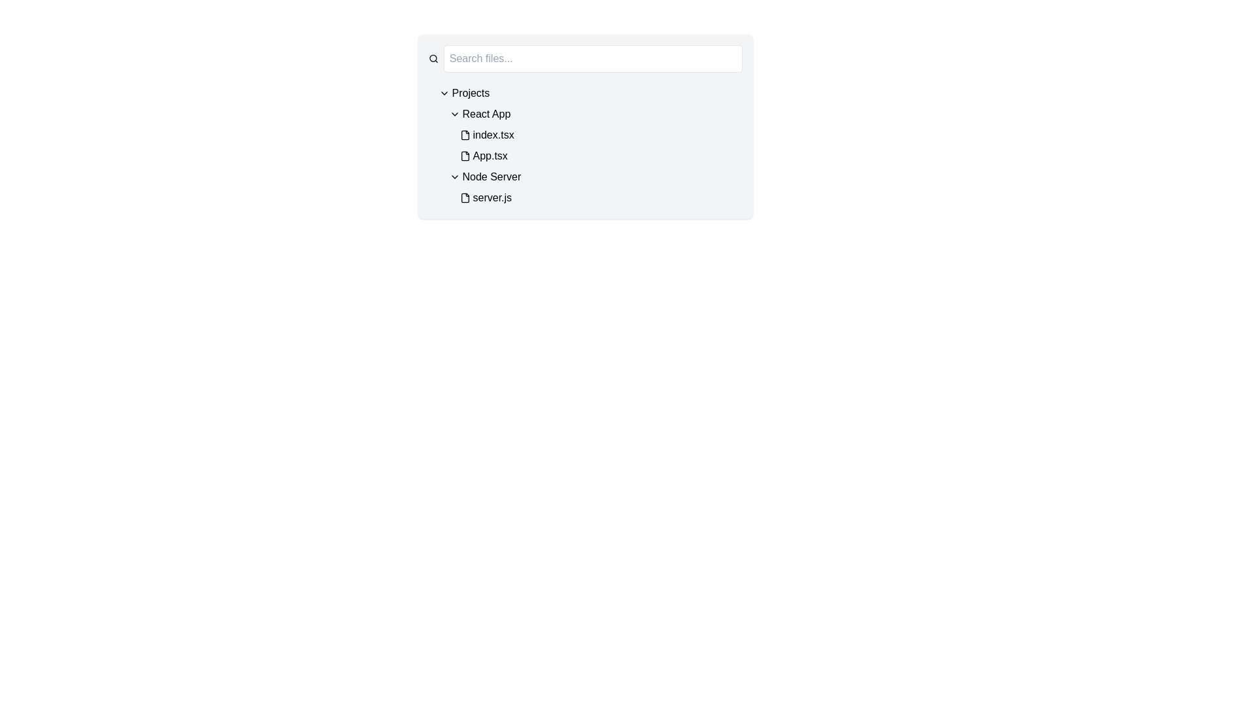 The width and height of the screenshot is (1255, 706). What do you see at coordinates (471, 92) in the screenshot?
I see `the 'Projects' text label in the left-sidebar of the file navigation panel to interact with it` at bounding box center [471, 92].